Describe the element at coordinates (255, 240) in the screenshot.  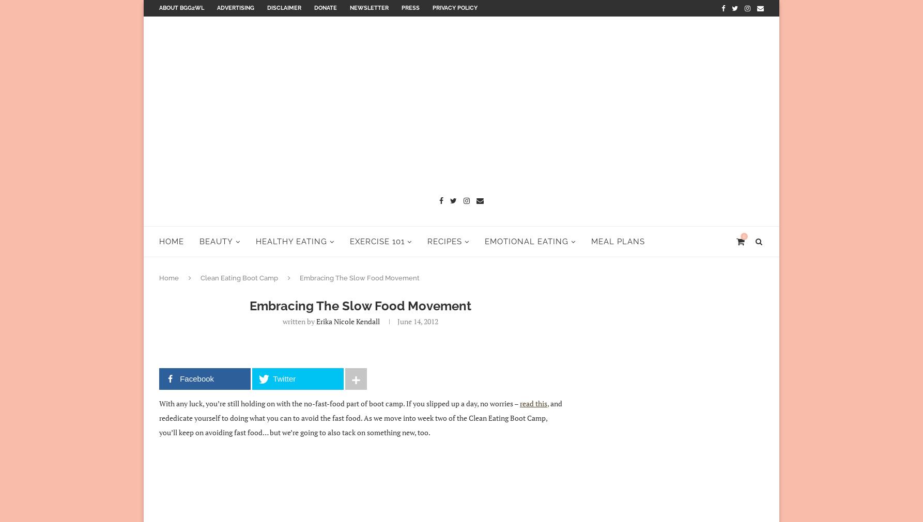
I see `'Healthy Eating'` at that location.